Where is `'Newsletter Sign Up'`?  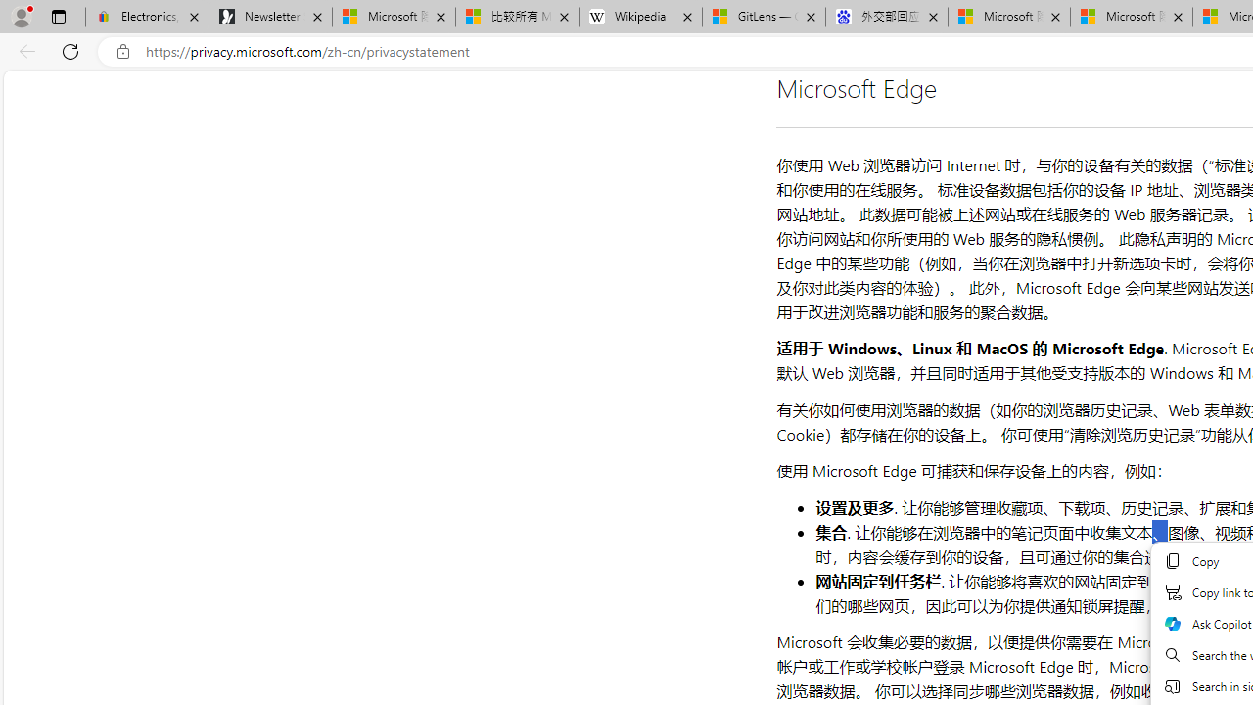
'Newsletter Sign Up' is located at coordinates (269, 17).